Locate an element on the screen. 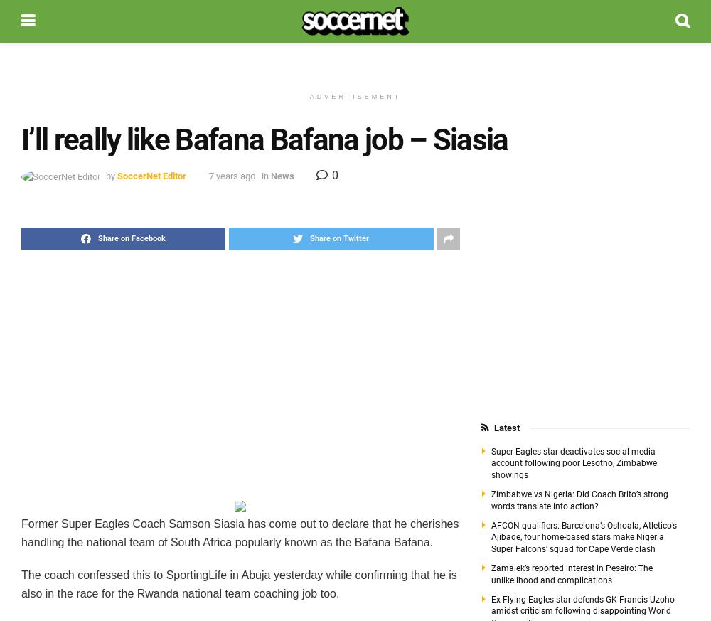 The width and height of the screenshot is (711, 621). 'The coach confessed this to SportingLife in Abuja yesterday while confirming that he is also in the race for the Rwanda national team coaching job too.' is located at coordinates (21, 584).